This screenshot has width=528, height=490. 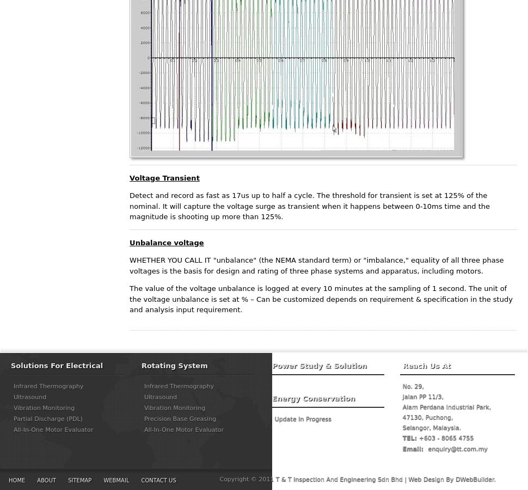 I want to click on 'No. 29,', so click(x=402, y=386).